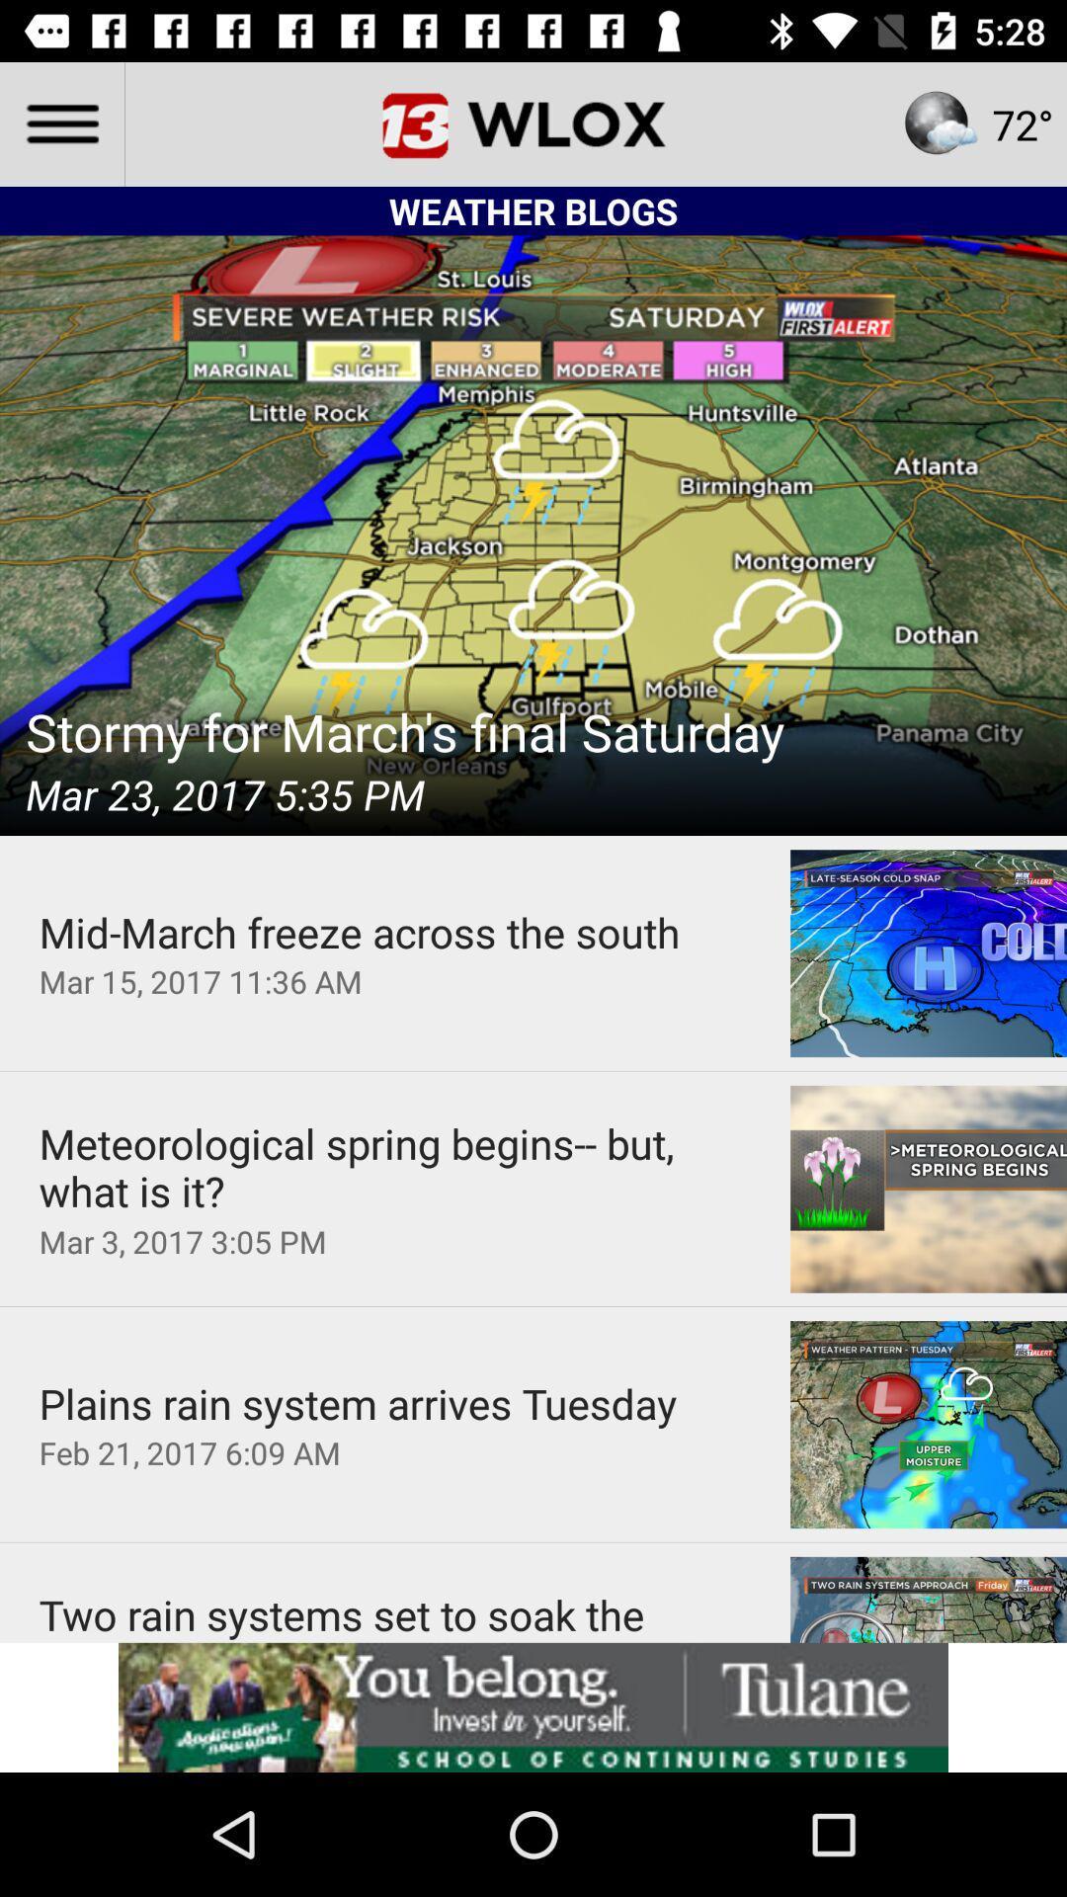 The width and height of the screenshot is (1067, 1897). Describe the element at coordinates (60, 123) in the screenshot. I see `the menu icon` at that location.